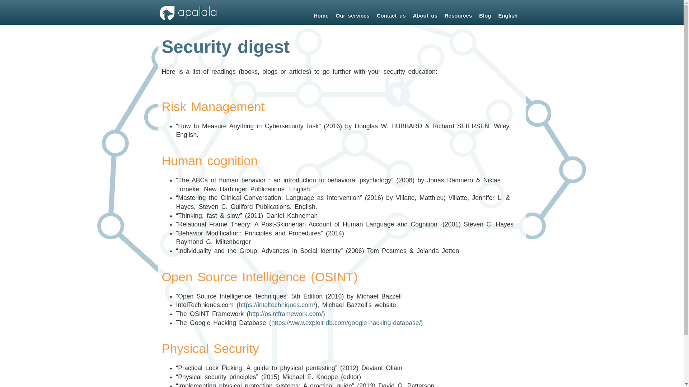  Describe the element at coordinates (425, 16) in the screenshot. I see `'About us'` at that location.